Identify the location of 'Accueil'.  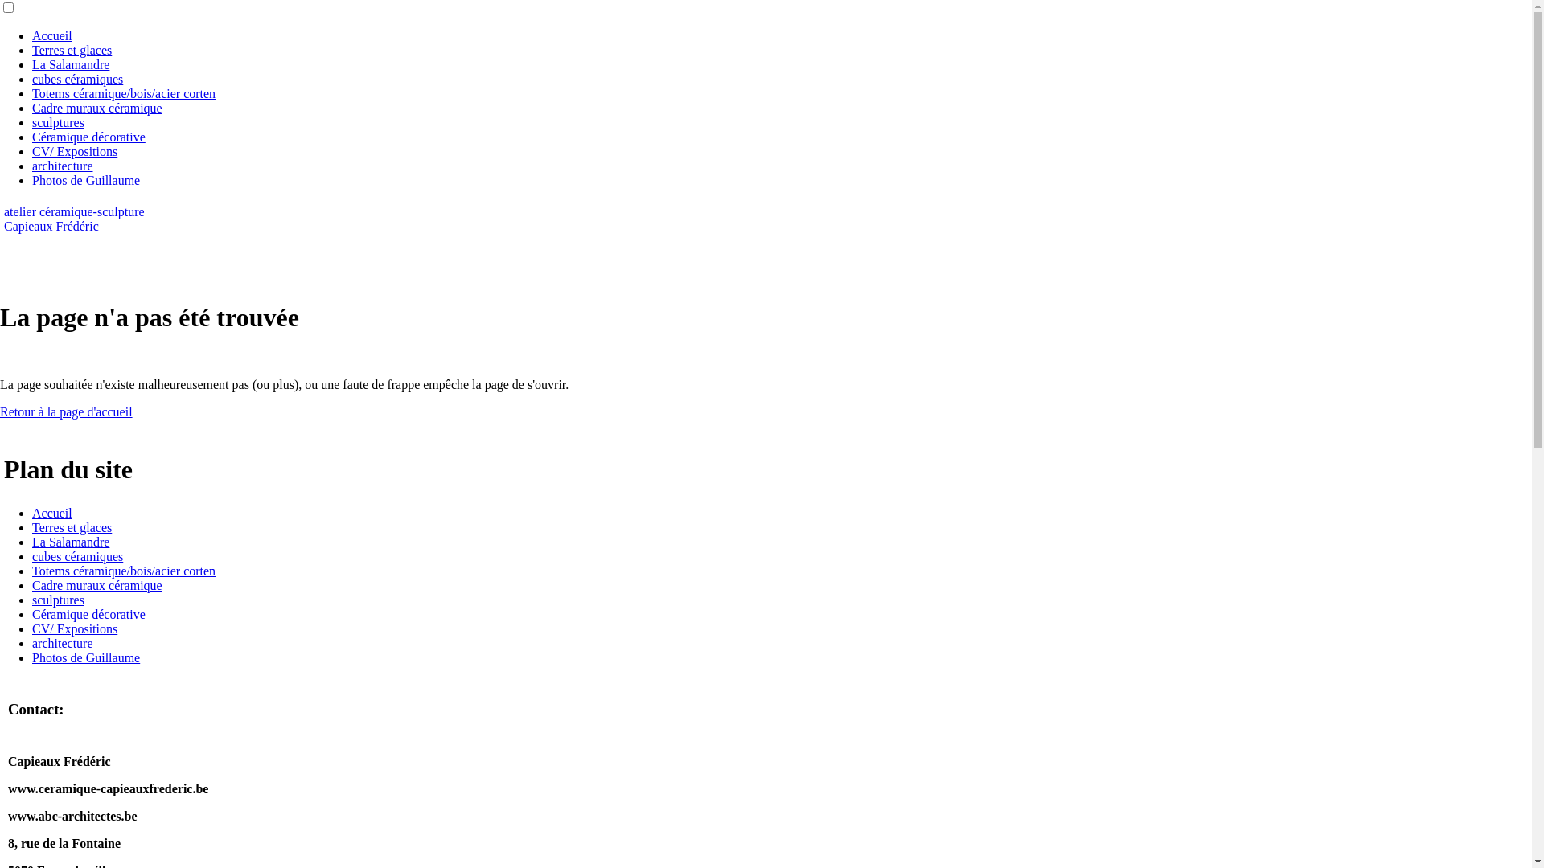
(52, 513).